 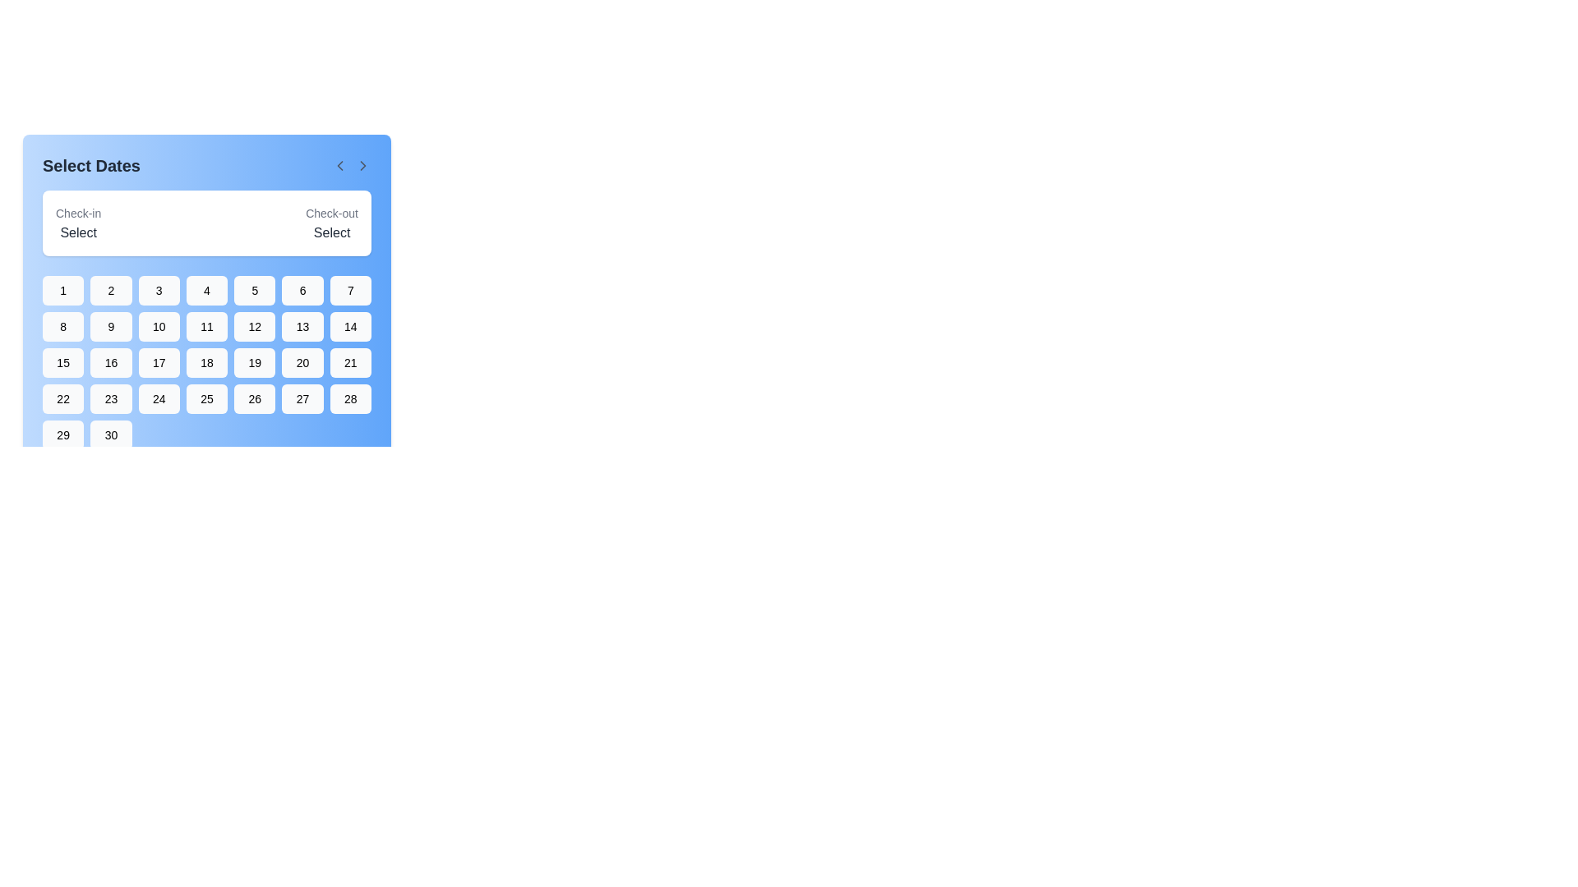 What do you see at coordinates (206, 362) in the screenshot?
I see `the number button in the grid of buttons` at bounding box center [206, 362].